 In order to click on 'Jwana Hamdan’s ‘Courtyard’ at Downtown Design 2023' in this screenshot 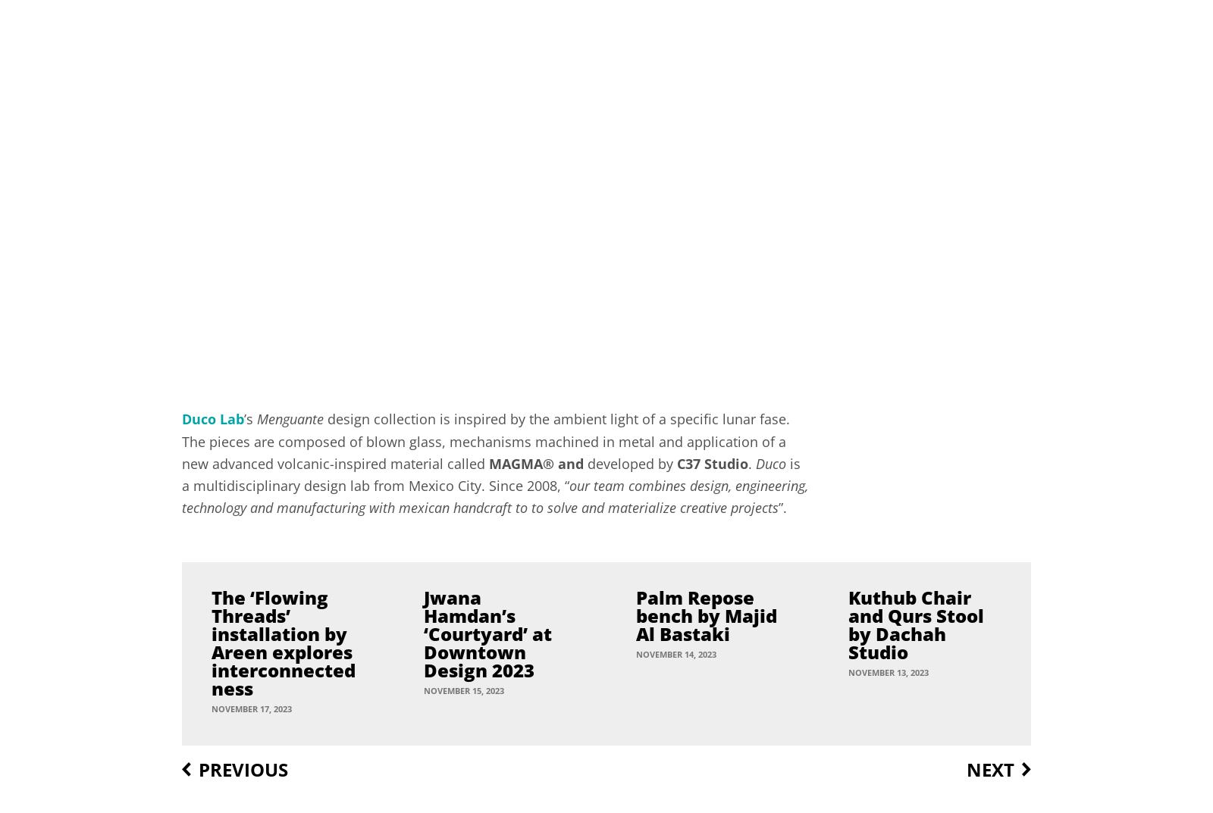, I will do `click(487, 632)`.